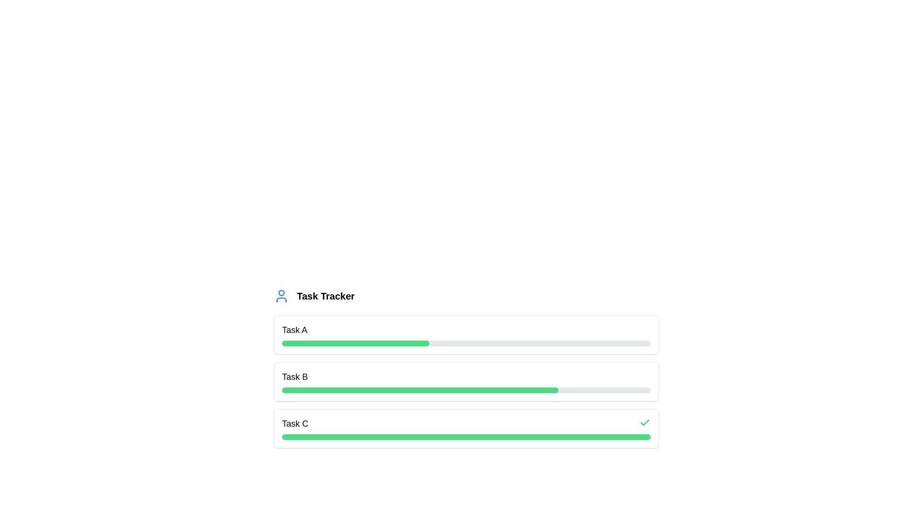  I want to click on the filled portion of the progress bar indicating task completion for 'Task B', so click(420, 390).